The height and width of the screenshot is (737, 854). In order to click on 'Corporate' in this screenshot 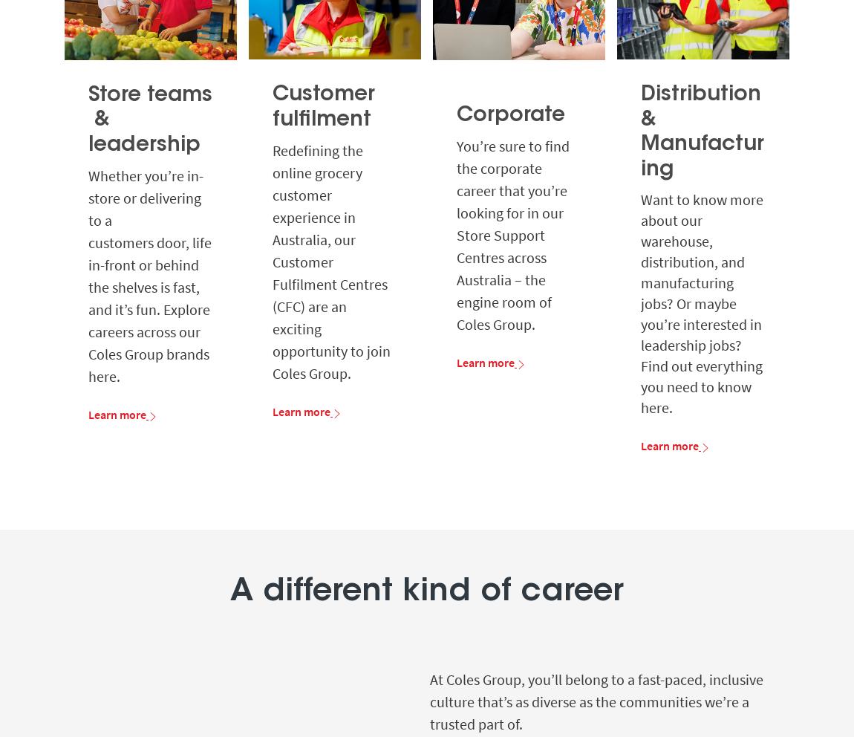, I will do `click(510, 114)`.